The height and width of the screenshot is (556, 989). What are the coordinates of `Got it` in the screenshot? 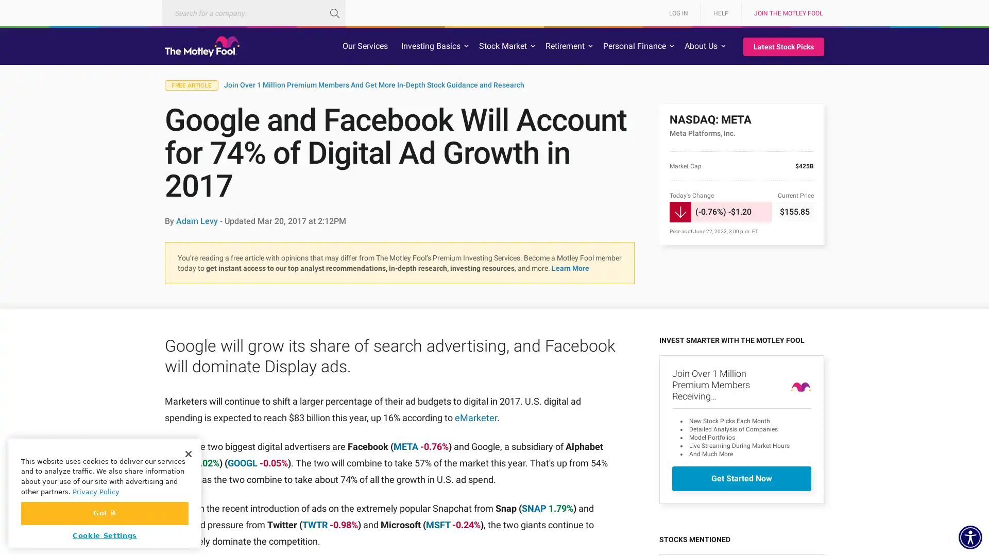 It's located at (105, 513).